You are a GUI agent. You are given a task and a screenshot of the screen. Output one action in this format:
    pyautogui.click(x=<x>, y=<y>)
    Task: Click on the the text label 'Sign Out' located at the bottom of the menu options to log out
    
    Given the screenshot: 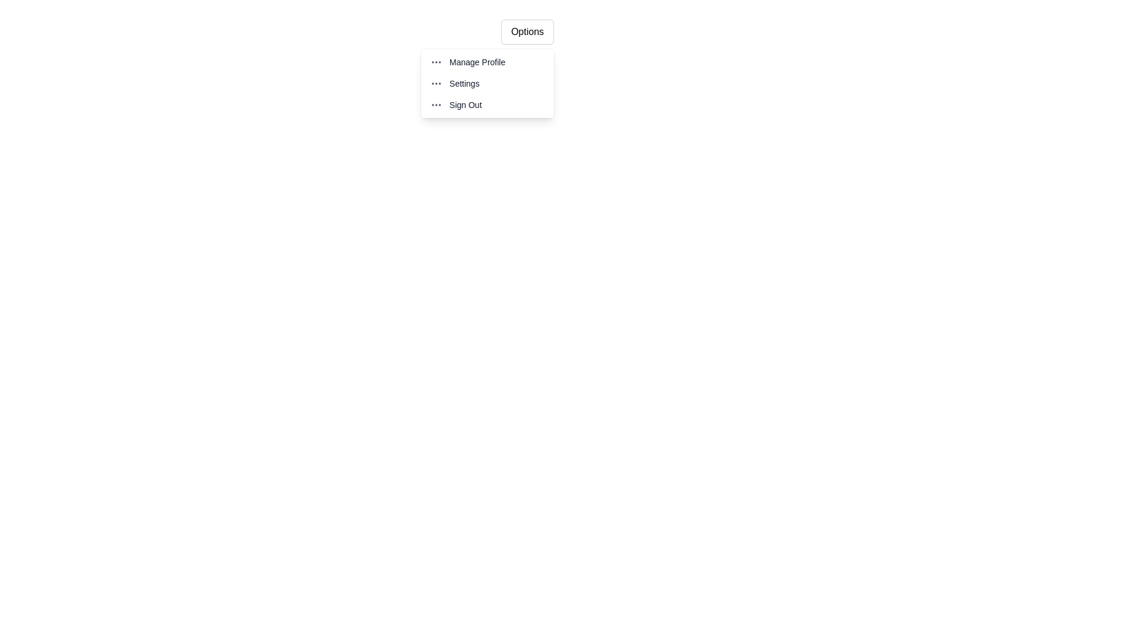 What is the action you would take?
    pyautogui.click(x=464, y=104)
    